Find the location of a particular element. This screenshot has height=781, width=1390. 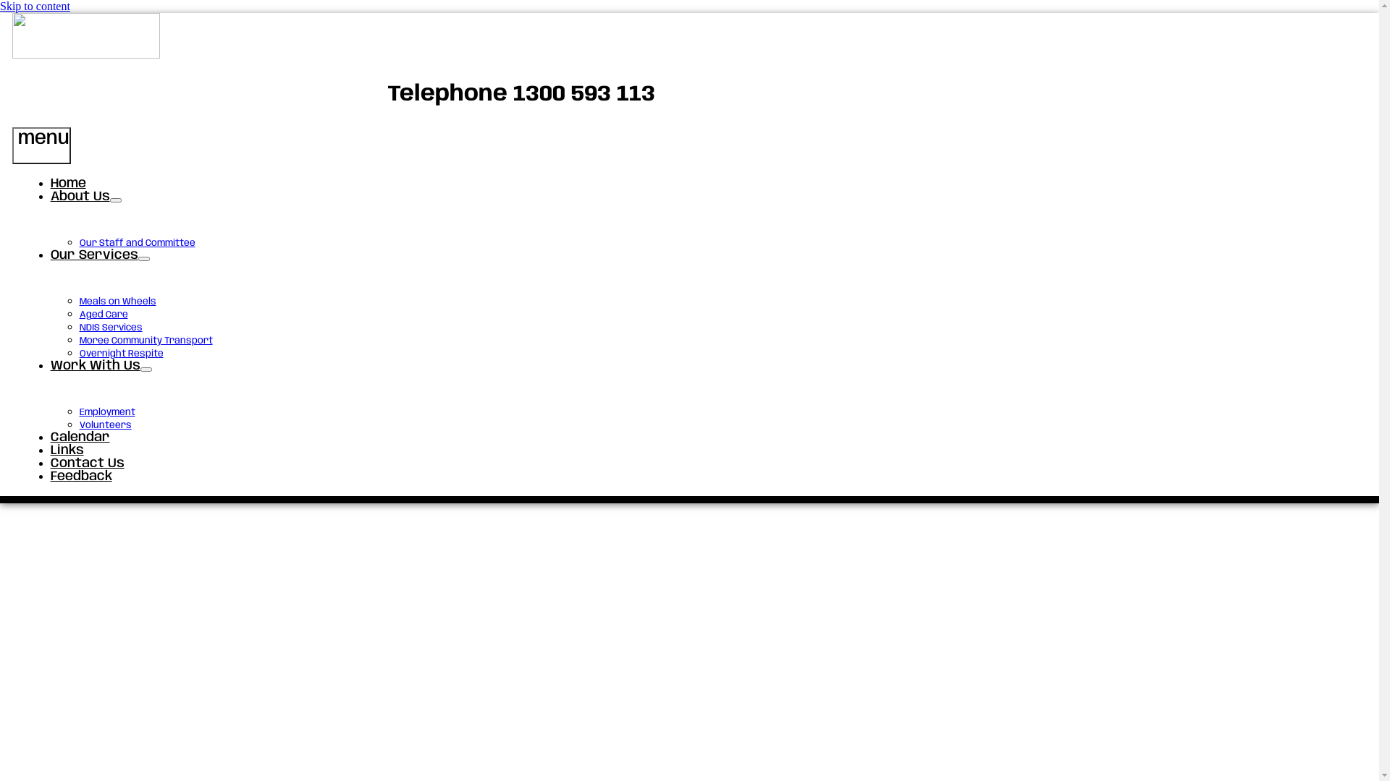

'NDIS Services' is located at coordinates (110, 328).